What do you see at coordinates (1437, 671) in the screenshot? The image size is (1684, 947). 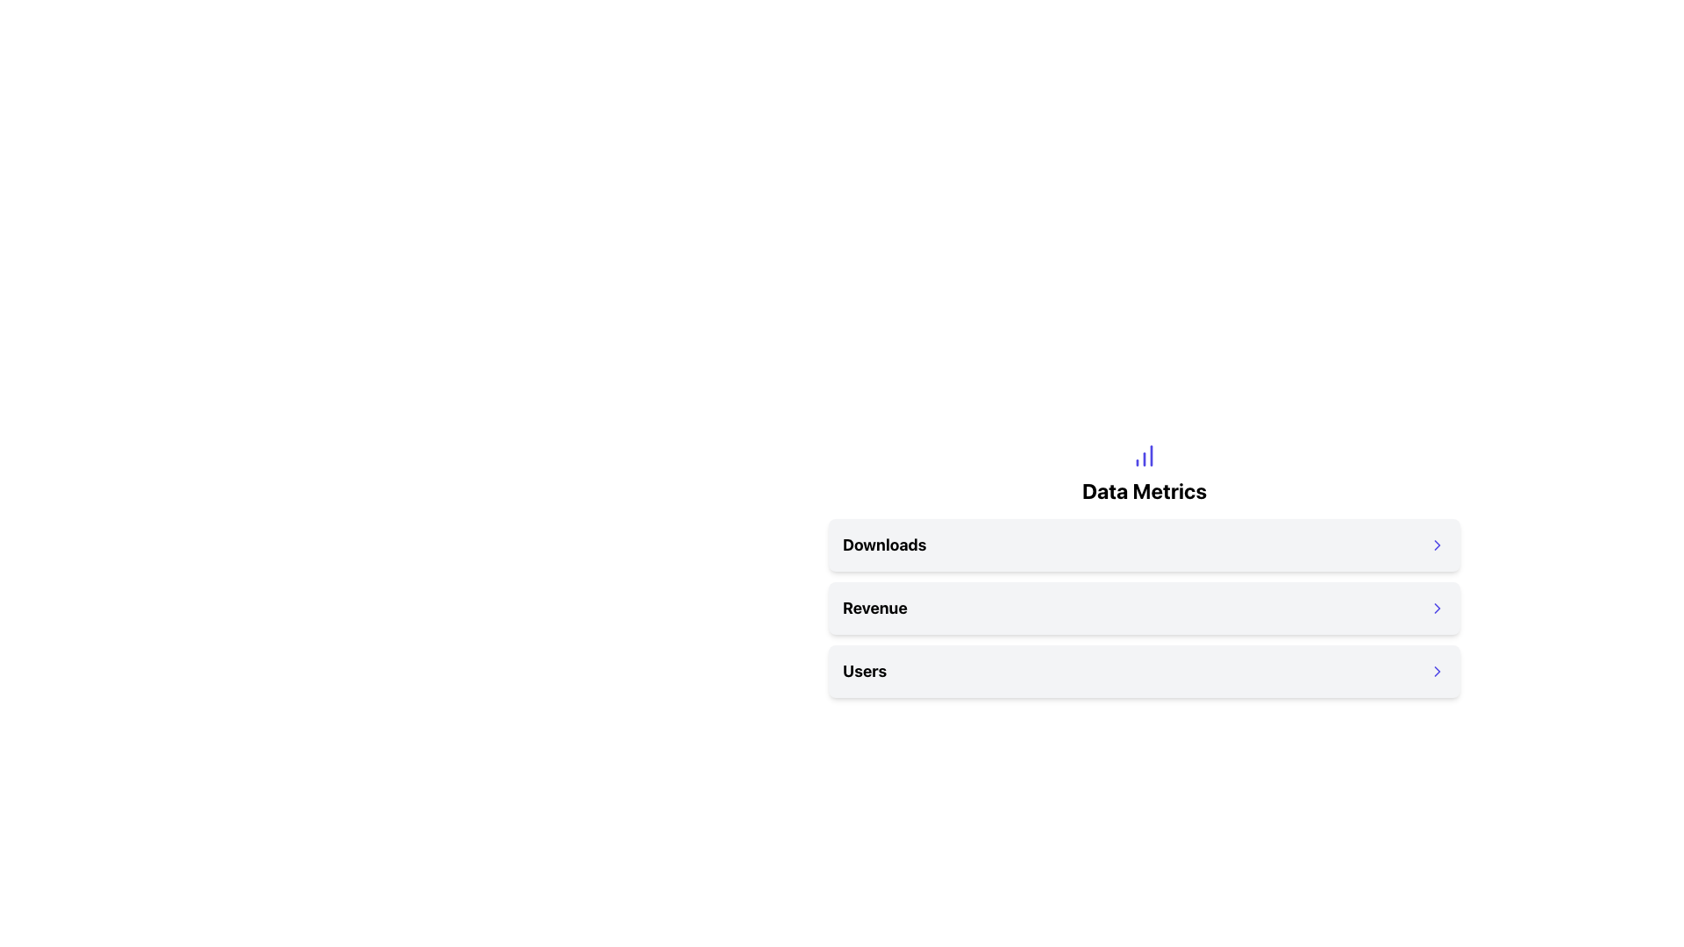 I see `the right-pointing chevron icon in light blue color located at the far right of the 'Users' row` at bounding box center [1437, 671].